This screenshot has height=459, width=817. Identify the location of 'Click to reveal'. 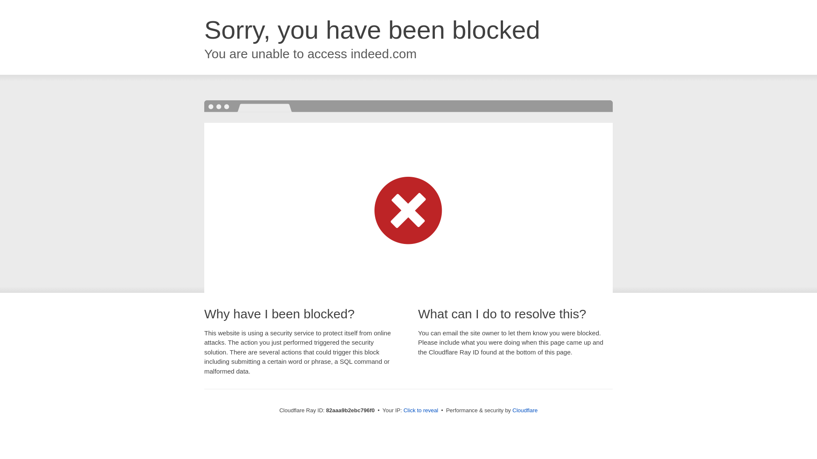
(420, 410).